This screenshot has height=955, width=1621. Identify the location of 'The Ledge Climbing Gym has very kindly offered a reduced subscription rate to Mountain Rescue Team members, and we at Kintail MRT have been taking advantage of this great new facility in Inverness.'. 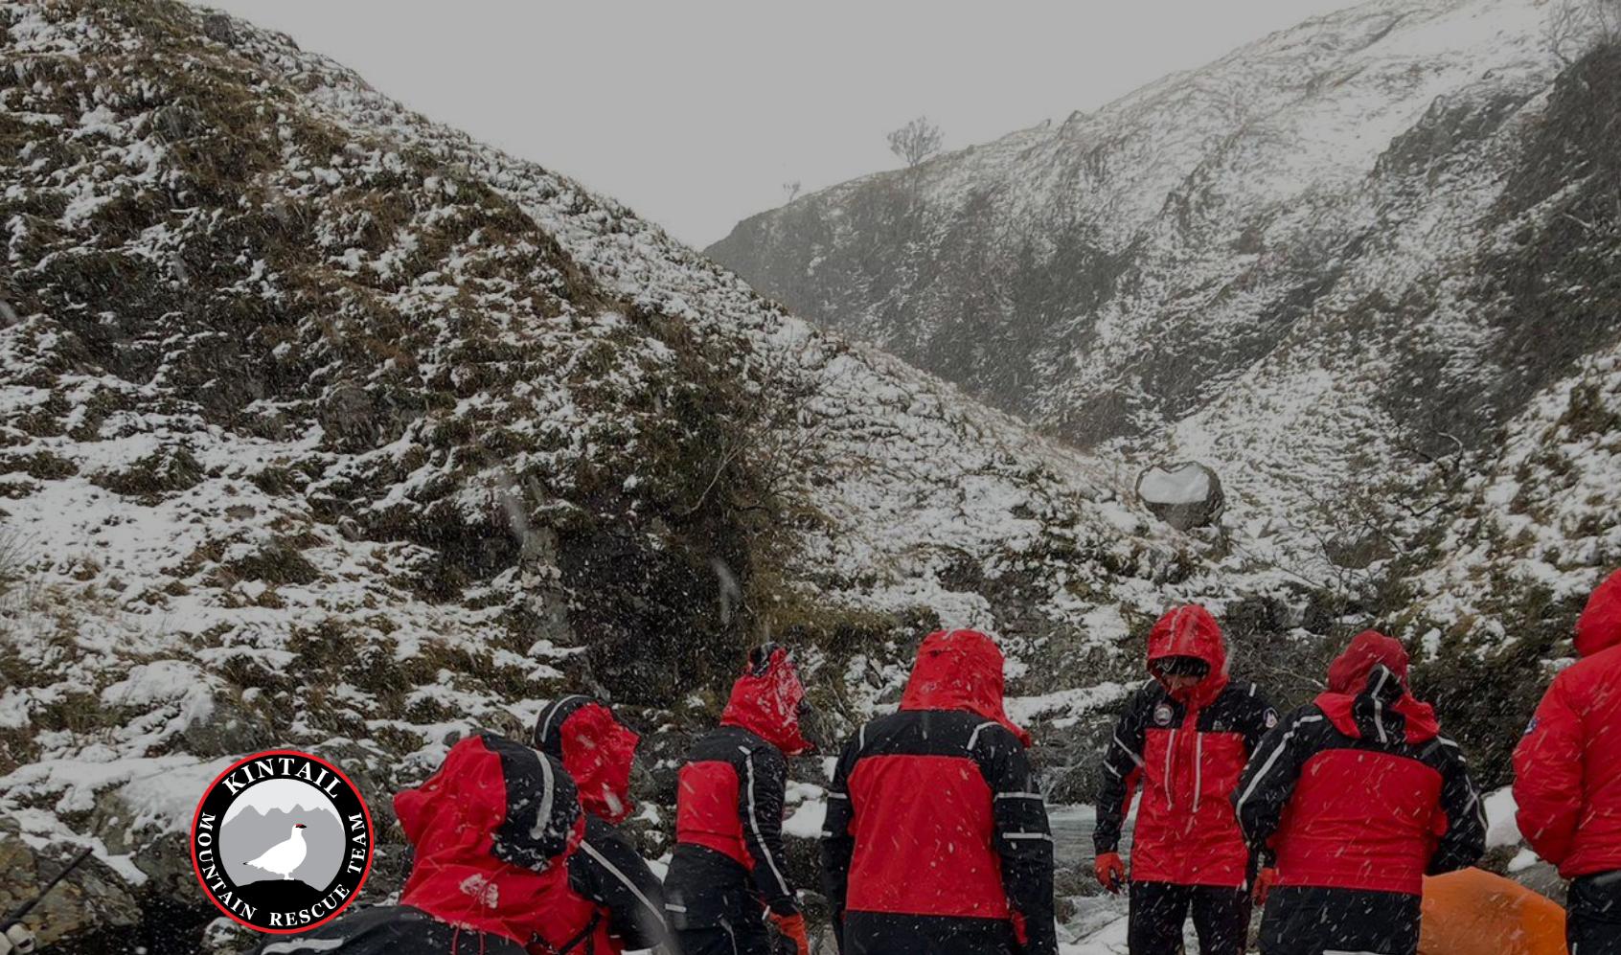
(650, 796).